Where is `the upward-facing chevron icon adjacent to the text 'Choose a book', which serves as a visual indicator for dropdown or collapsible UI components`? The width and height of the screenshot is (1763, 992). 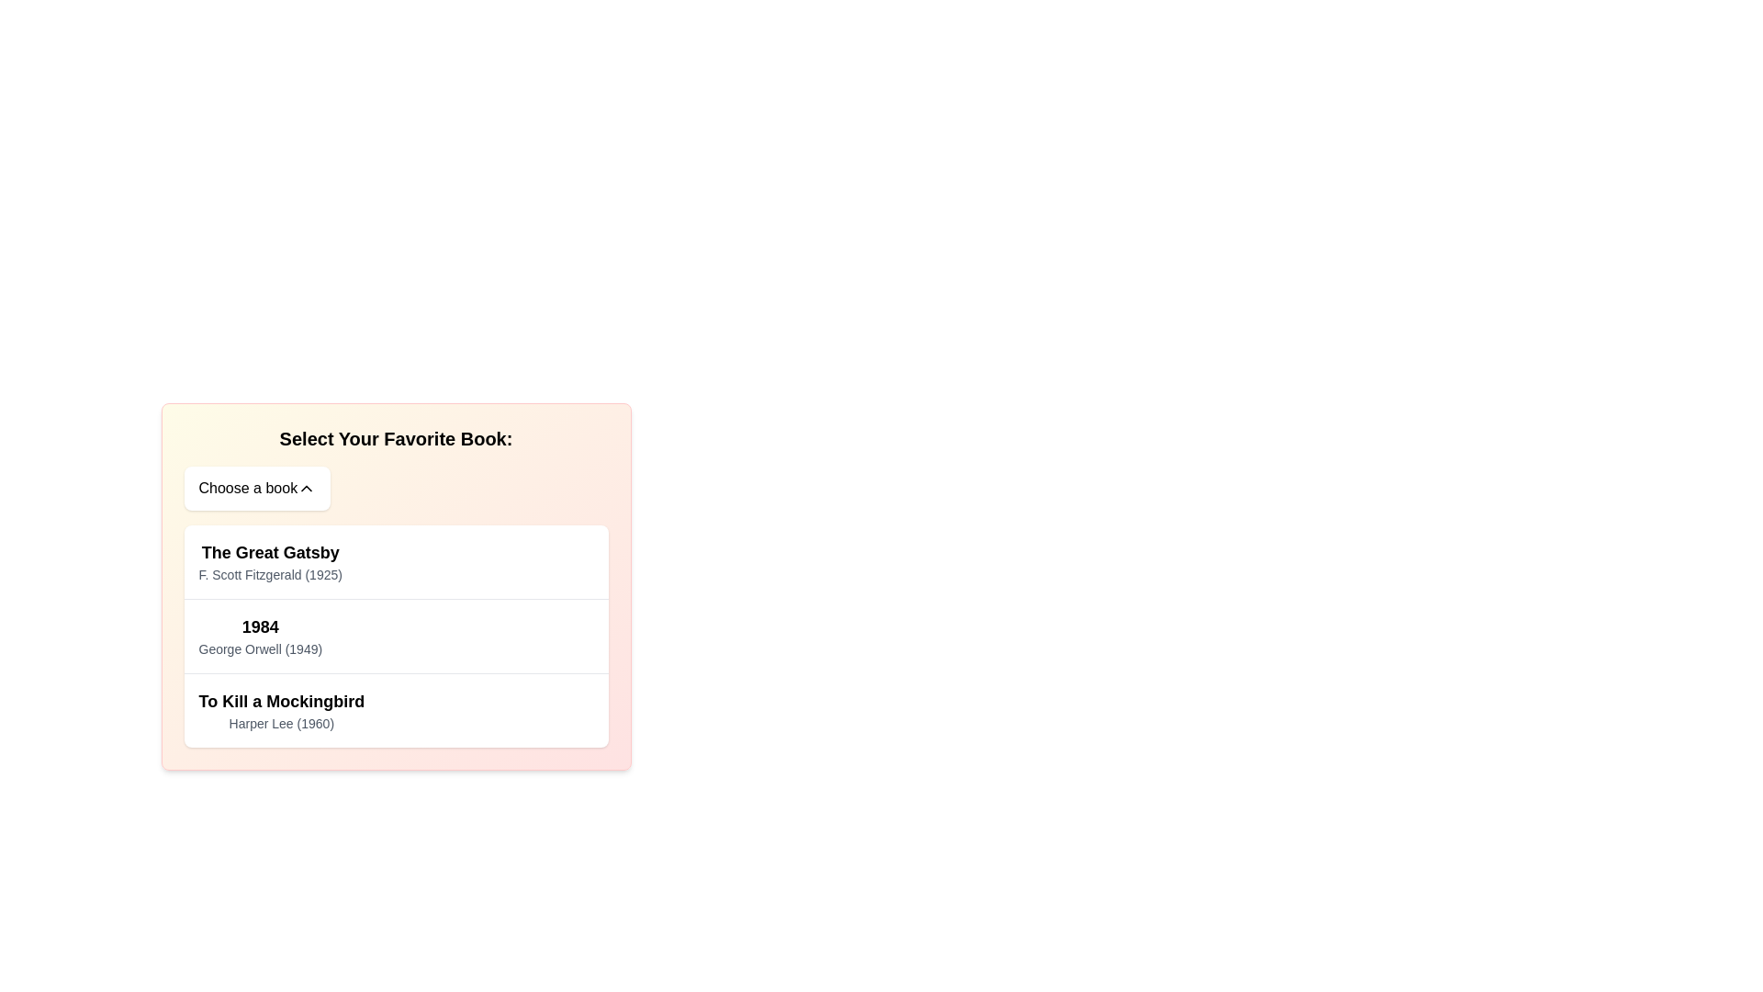
the upward-facing chevron icon adjacent to the text 'Choose a book', which serves as a visual indicator for dropdown or collapsible UI components is located at coordinates (307, 488).